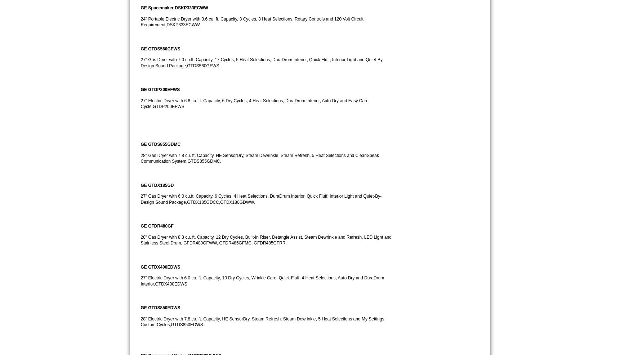 Image resolution: width=620 pixels, height=355 pixels. What do you see at coordinates (267, 239) in the screenshot?
I see `'28" Gas Dryer with 8.3 cu. ft. Capacity, 12 Dry Cycles, Built-In Riser, Detangle Assist, Steam Dewrinkle and Refresh, LED Light and Stainless Steel Drum, GFDR480GFWW, GFDR485GFMC, GFDR485GFRR.'` at bounding box center [267, 239].